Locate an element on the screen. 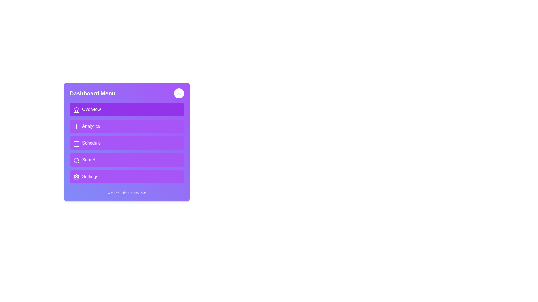 The width and height of the screenshot is (538, 302). the calendar icon in the 'Schedule' menu is located at coordinates (76, 143).